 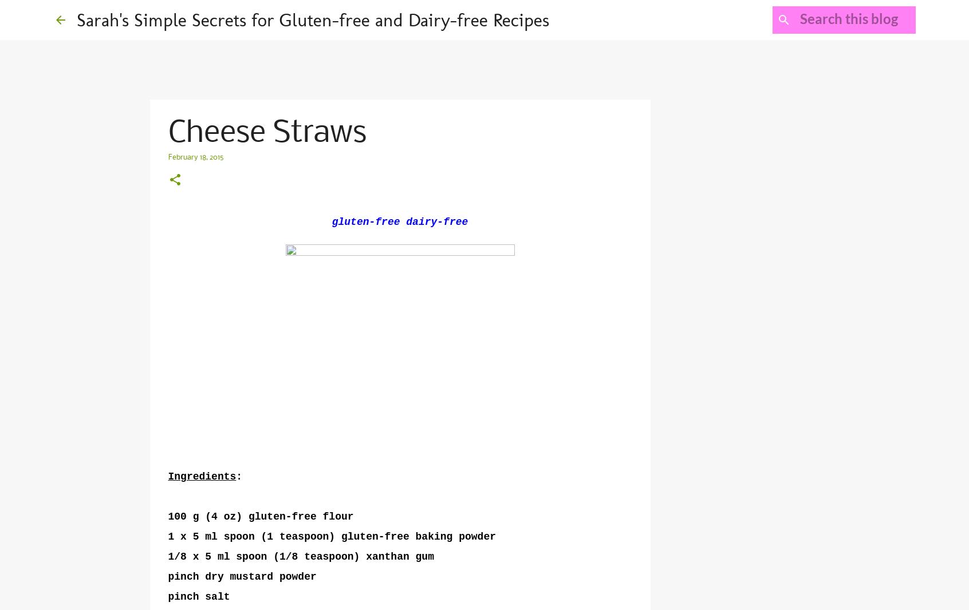 I want to click on 'Cheese Straws', so click(x=266, y=133).